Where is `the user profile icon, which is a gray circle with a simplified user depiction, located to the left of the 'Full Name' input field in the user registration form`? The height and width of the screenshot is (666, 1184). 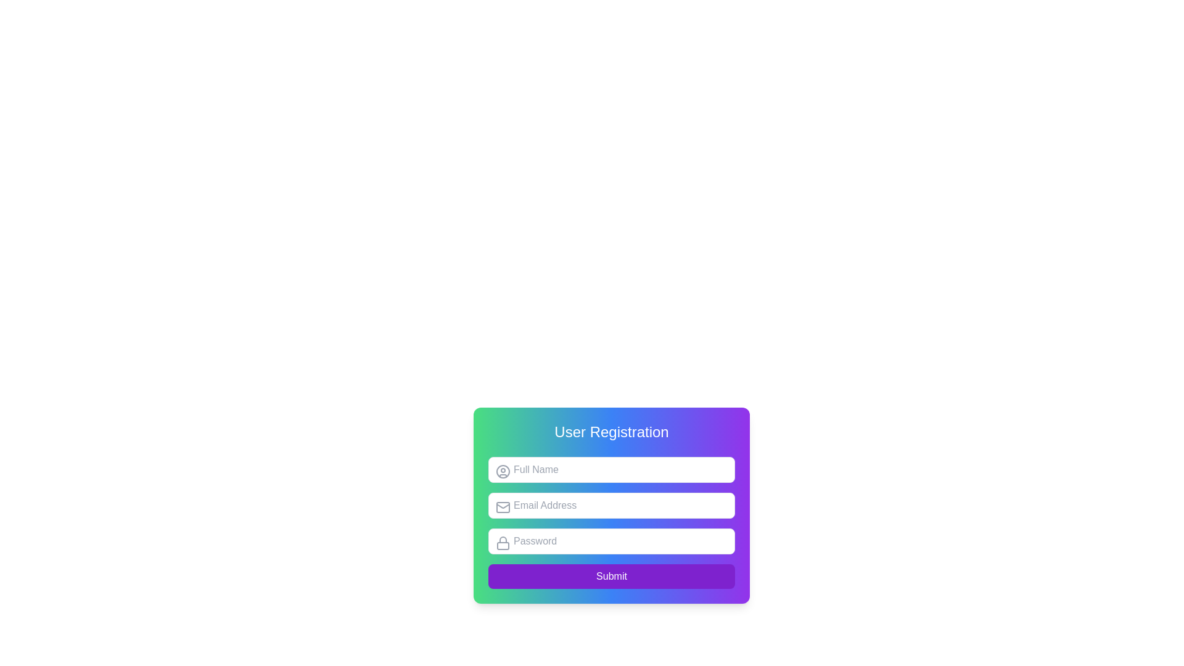 the user profile icon, which is a gray circle with a simplified user depiction, located to the left of the 'Full Name' input field in the user registration form is located at coordinates (503, 471).